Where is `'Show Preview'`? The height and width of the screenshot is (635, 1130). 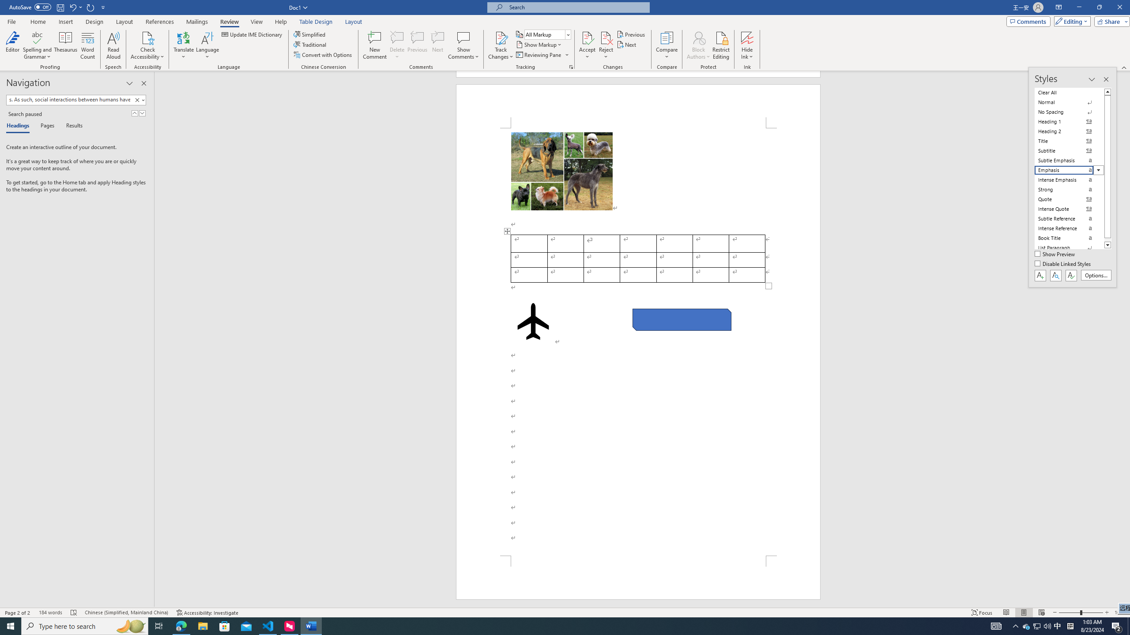
'Show Preview' is located at coordinates (1056, 254).